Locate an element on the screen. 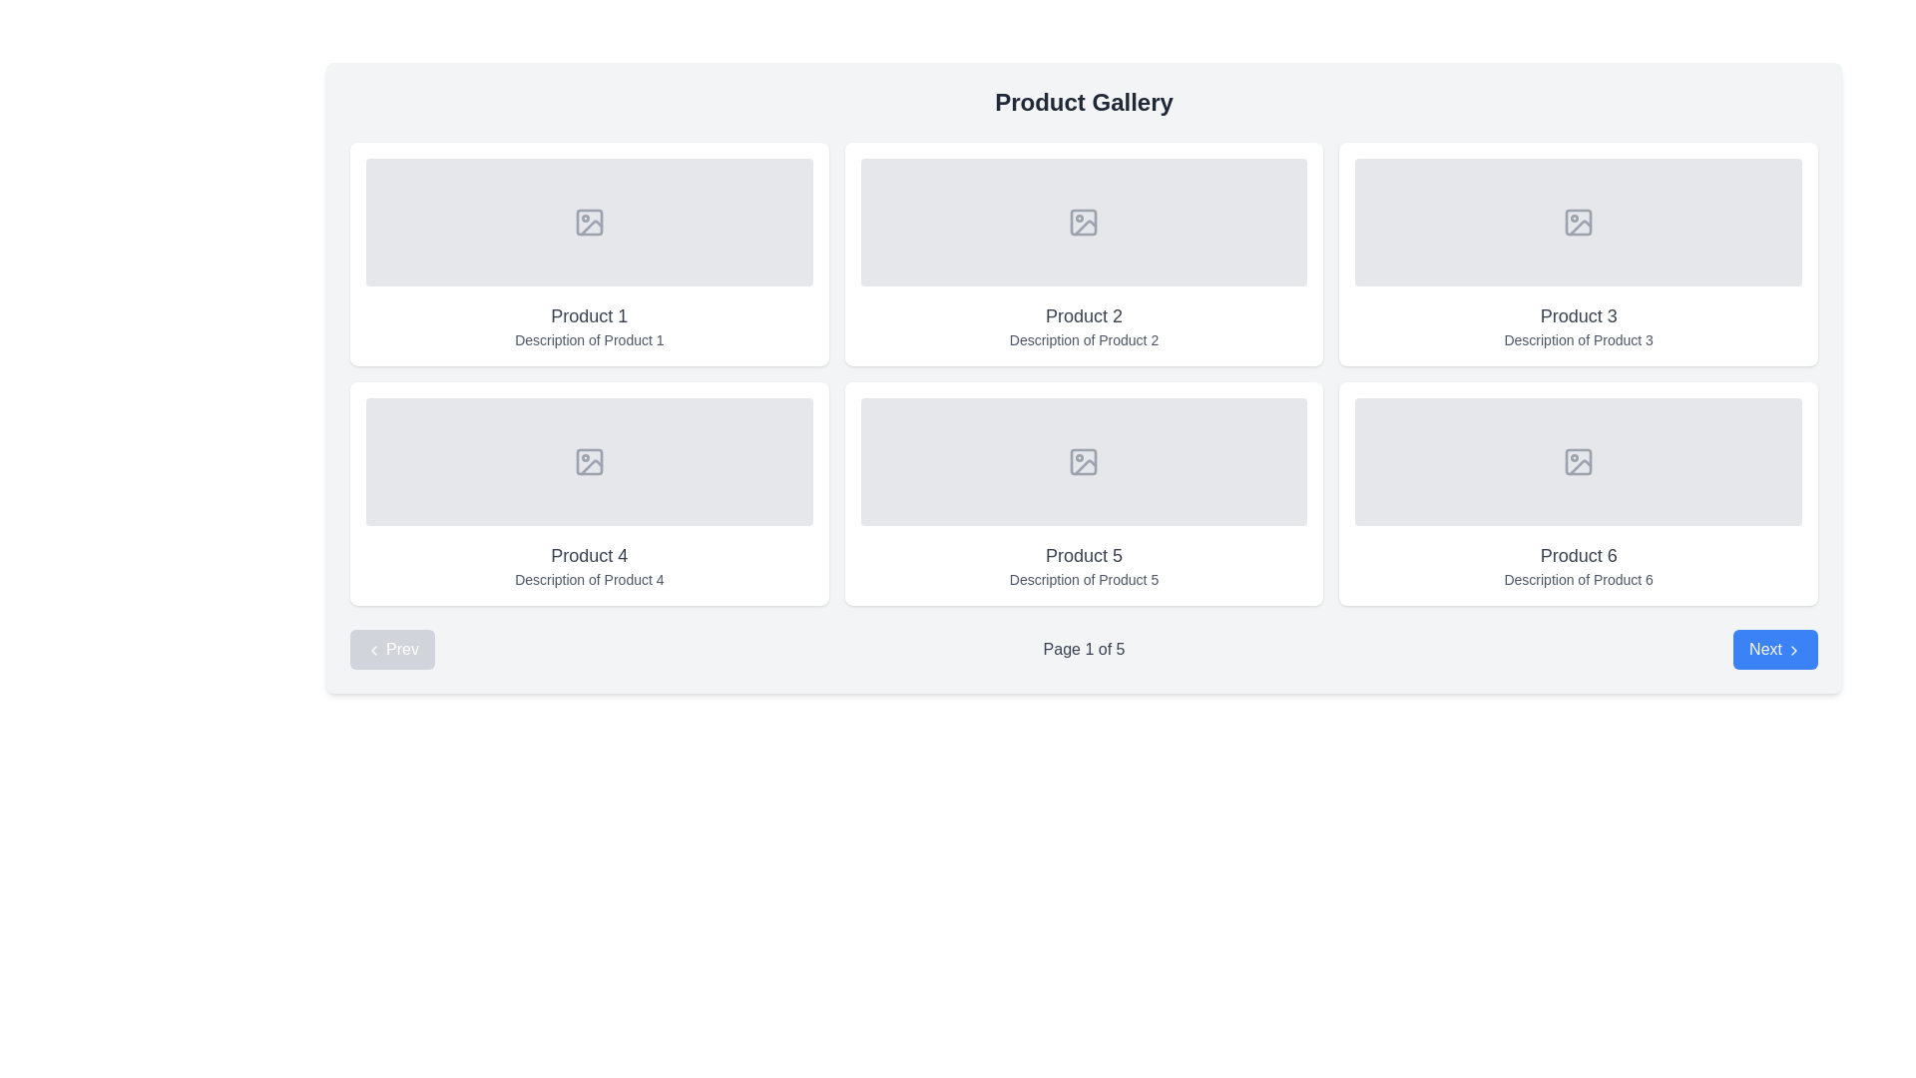  the pagination control button located on the far right of the navigation bar is located at coordinates (1775, 650).